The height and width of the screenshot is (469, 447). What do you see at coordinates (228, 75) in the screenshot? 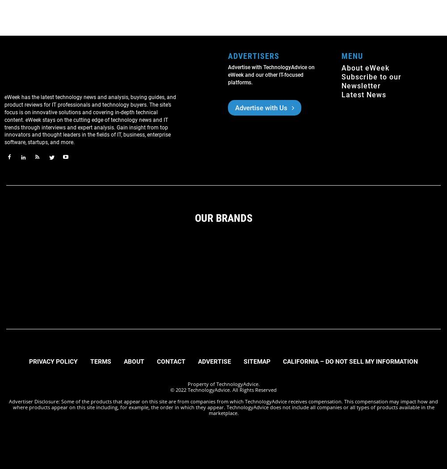
I see `'Advertise with TechnologyAdvice on eWeek and our other IT-focused platforms.'` at bounding box center [228, 75].